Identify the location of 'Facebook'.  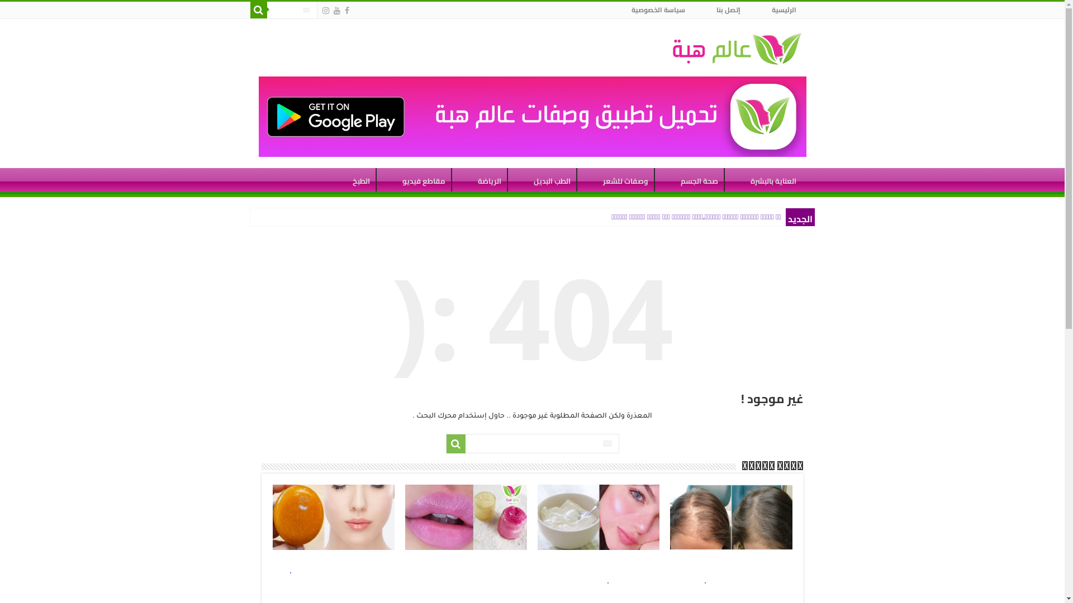
(345, 11).